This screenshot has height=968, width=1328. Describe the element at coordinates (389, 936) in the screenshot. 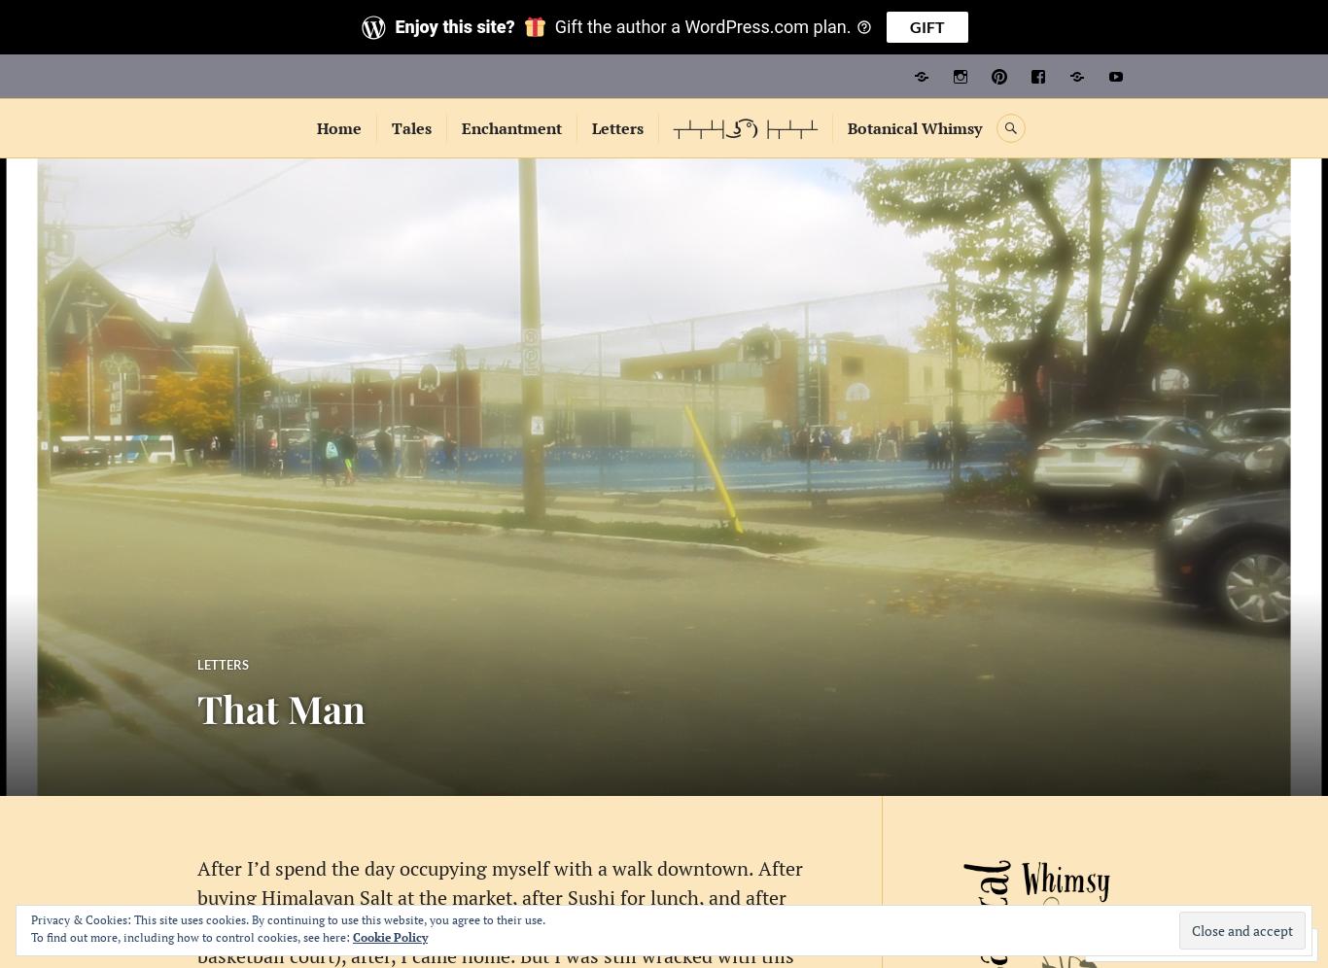

I see `'Cookie Policy'` at that location.